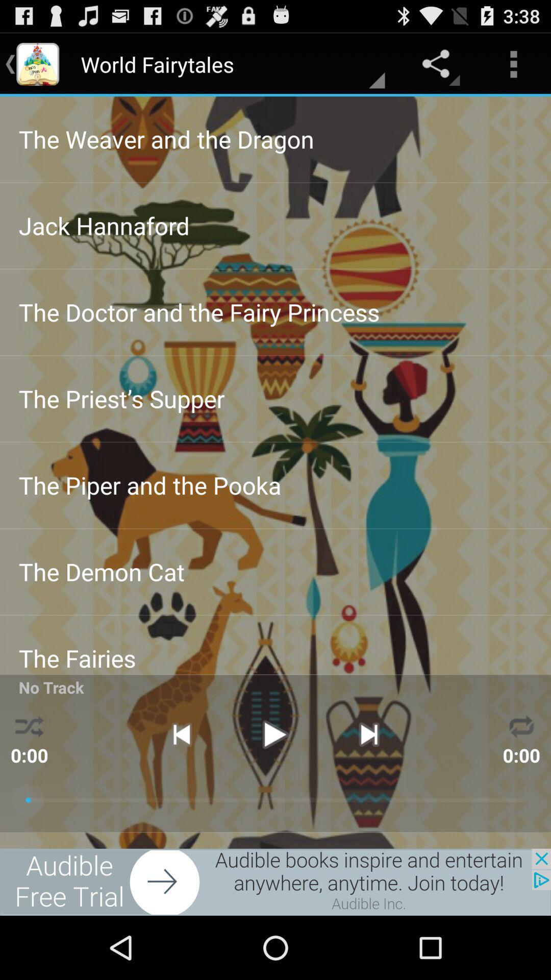 The width and height of the screenshot is (551, 980). Describe the element at coordinates (275, 881) in the screenshot. I see `click on advertisement` at that location.